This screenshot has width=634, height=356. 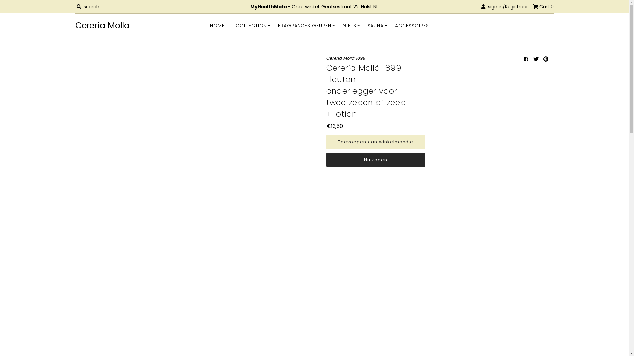 What do you see at coordinates (375, 160) in the screenshot?
I see `'Nu kopen'` at bounding box center [375, 160].